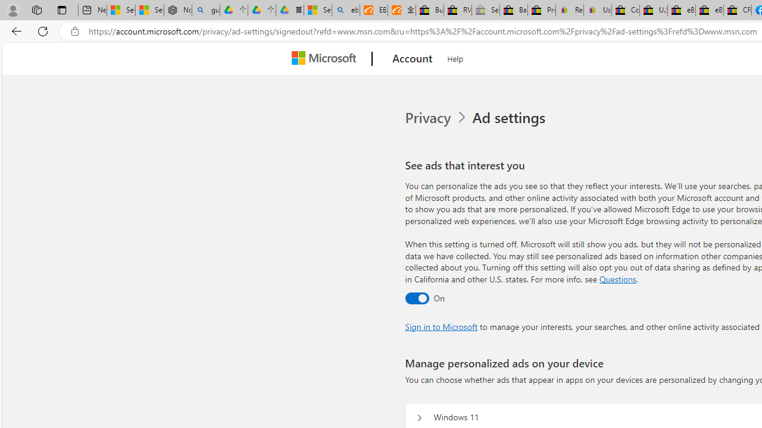 This screenshot has width=762, height=428. Describe the element at coordinates (429, 10) in the screenshot. I see `'Buy Auto Parts & Accessories | eBay'` at that location.